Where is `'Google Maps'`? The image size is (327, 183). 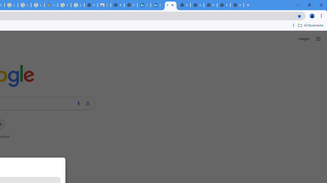
'Google Maps' is located at coordinates (51, 5).